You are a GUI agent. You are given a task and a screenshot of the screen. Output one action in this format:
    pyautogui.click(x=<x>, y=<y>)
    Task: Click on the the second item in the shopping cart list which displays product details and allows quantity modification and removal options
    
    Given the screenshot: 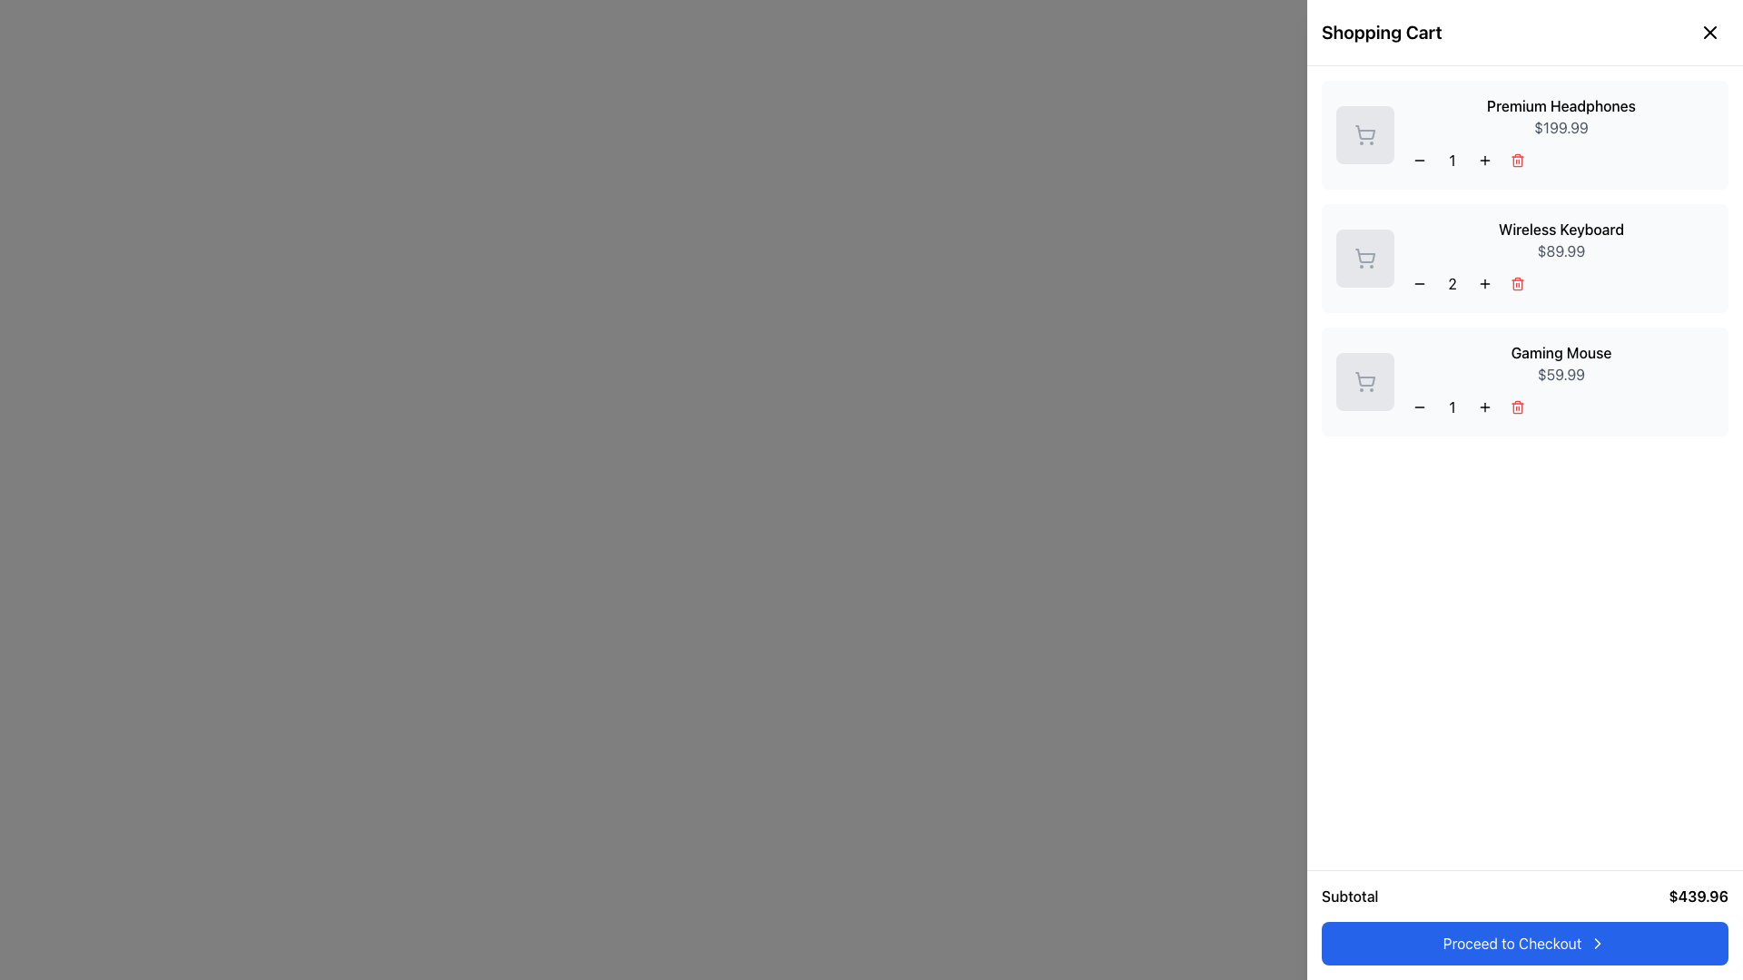 What is the action you would take?
    pyautogui.click(x=1525, y=259)
    